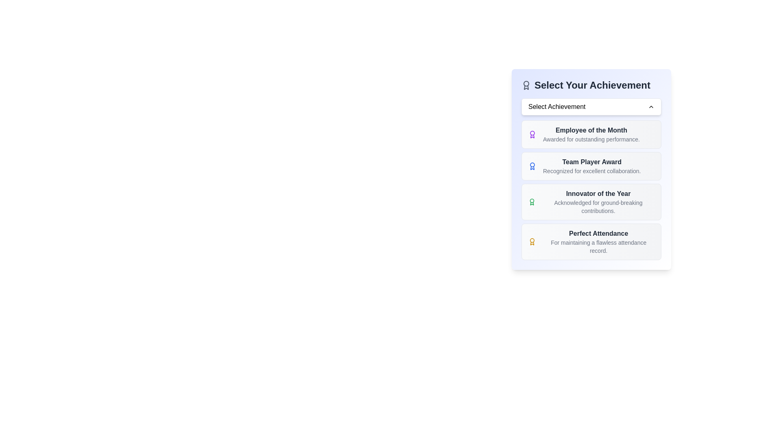 This screenshot has height=439, width=781. I want to click on the 'Innovator of the Year' text element within the list item, which is styled in bold and darker shade, so click(598, 202).